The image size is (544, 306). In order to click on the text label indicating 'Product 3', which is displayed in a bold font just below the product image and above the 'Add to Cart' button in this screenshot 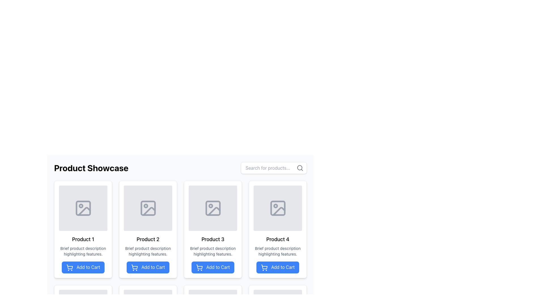, I will do `click(212, 239)`.